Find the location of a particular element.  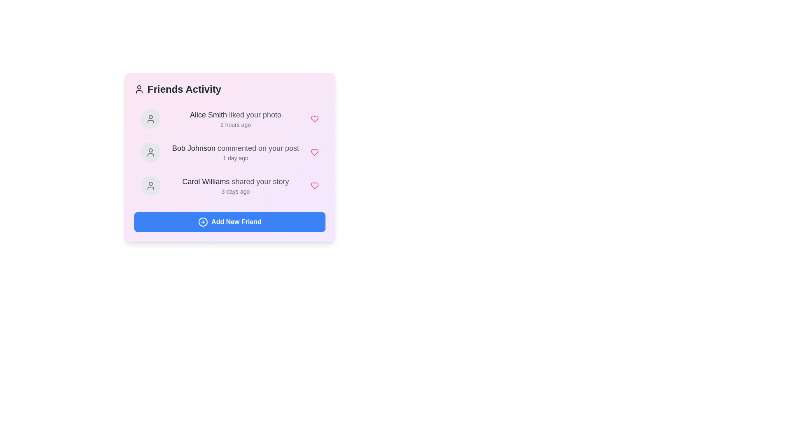

the 'Add New Friend' button to add a new friend is located at coordinates (229, 222).